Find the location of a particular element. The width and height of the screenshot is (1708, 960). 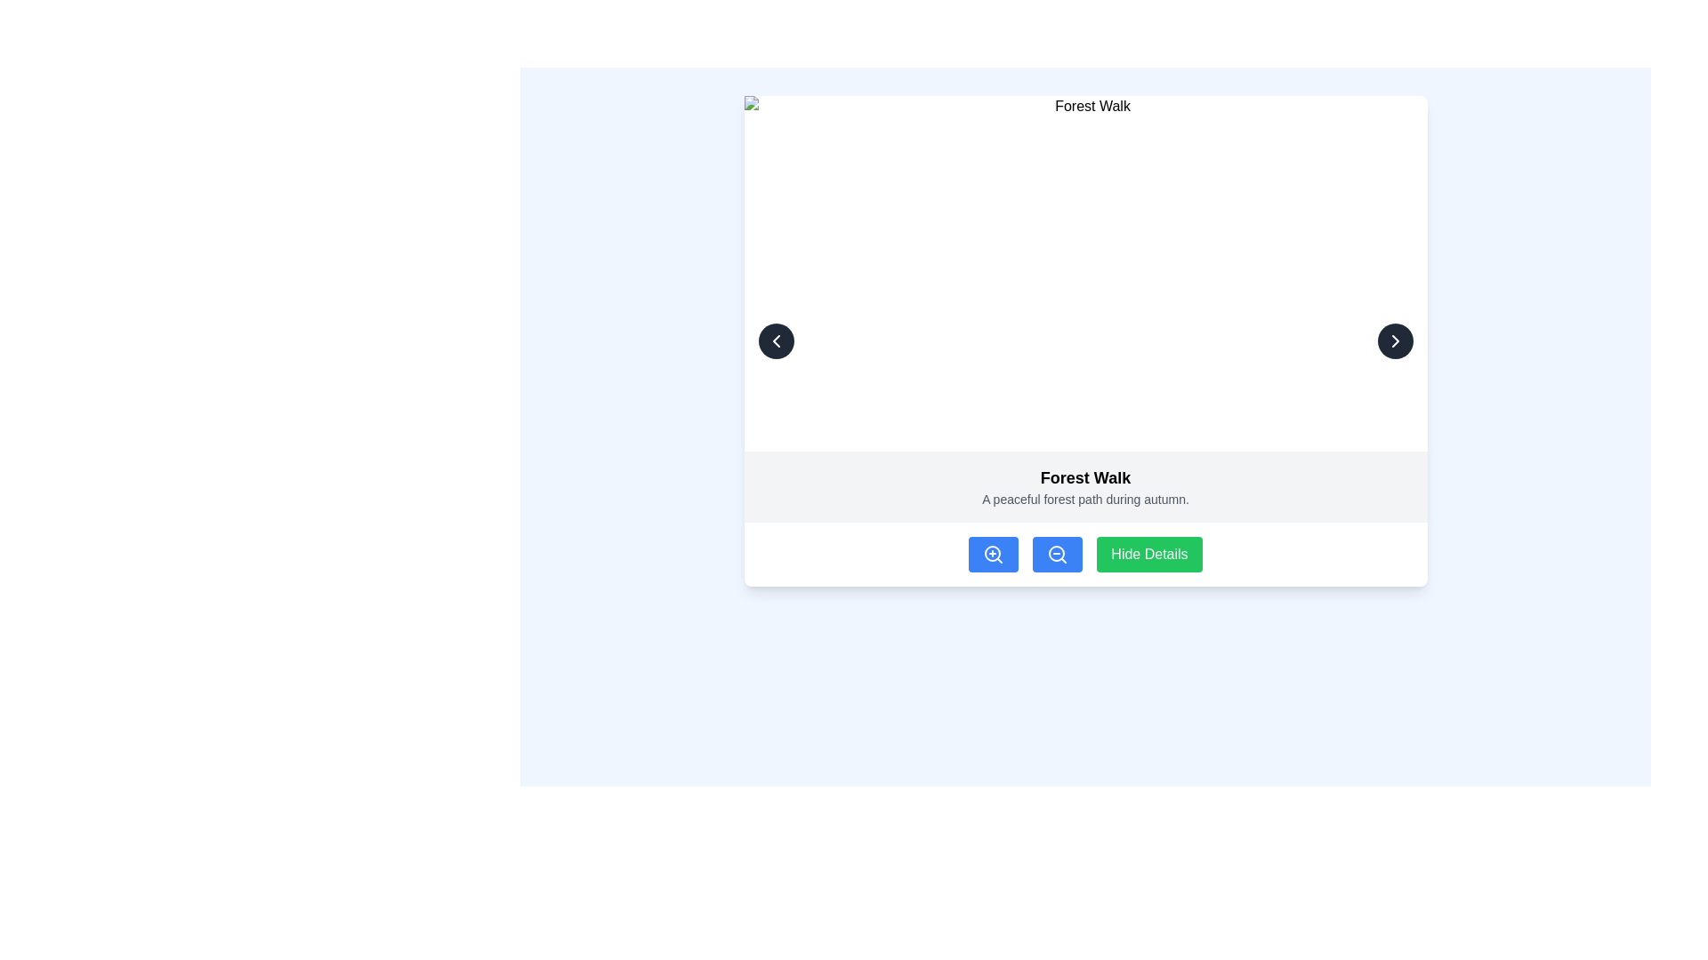

the last button in the horizontal arrangement located below the content section is located at coordinates (1149, 554).